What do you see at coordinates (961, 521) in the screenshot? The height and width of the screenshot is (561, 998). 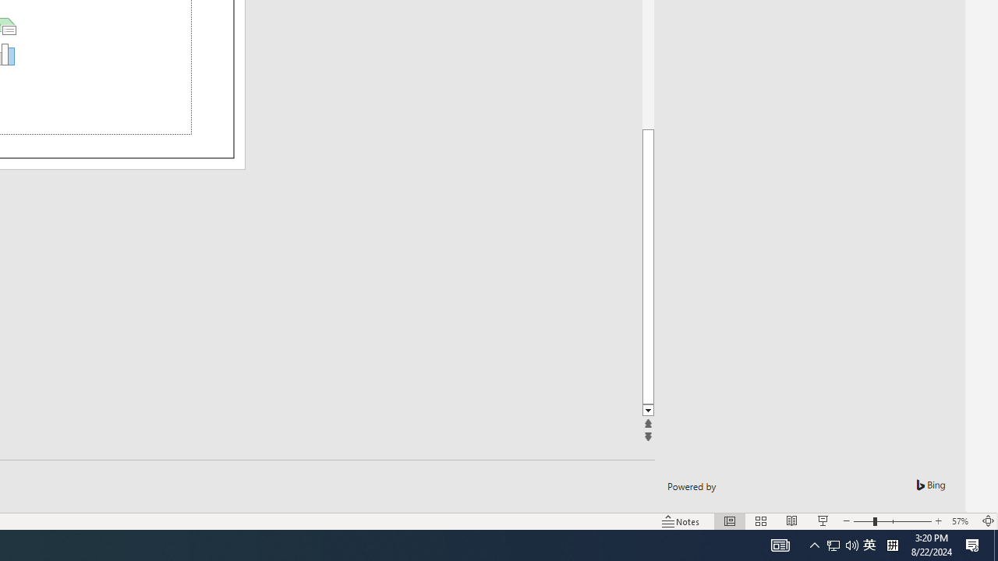 I see `'Zoom 57%'` at bounding box center [961, 521].